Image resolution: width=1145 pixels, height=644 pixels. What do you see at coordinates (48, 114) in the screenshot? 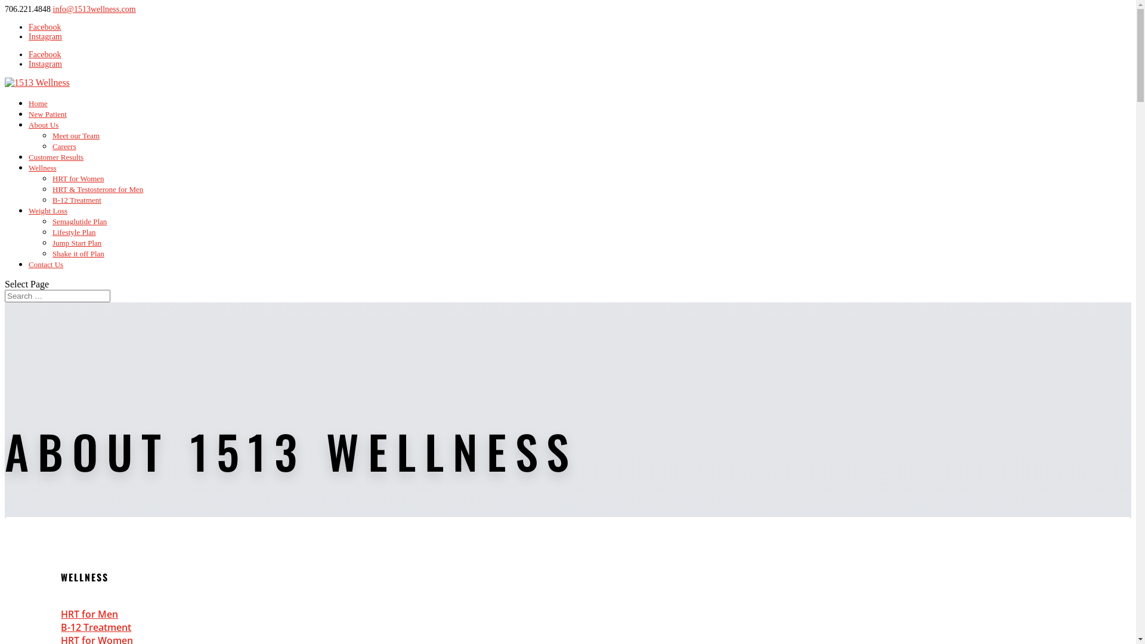
I see `'New Patient'` at bounding box center [48, 114].